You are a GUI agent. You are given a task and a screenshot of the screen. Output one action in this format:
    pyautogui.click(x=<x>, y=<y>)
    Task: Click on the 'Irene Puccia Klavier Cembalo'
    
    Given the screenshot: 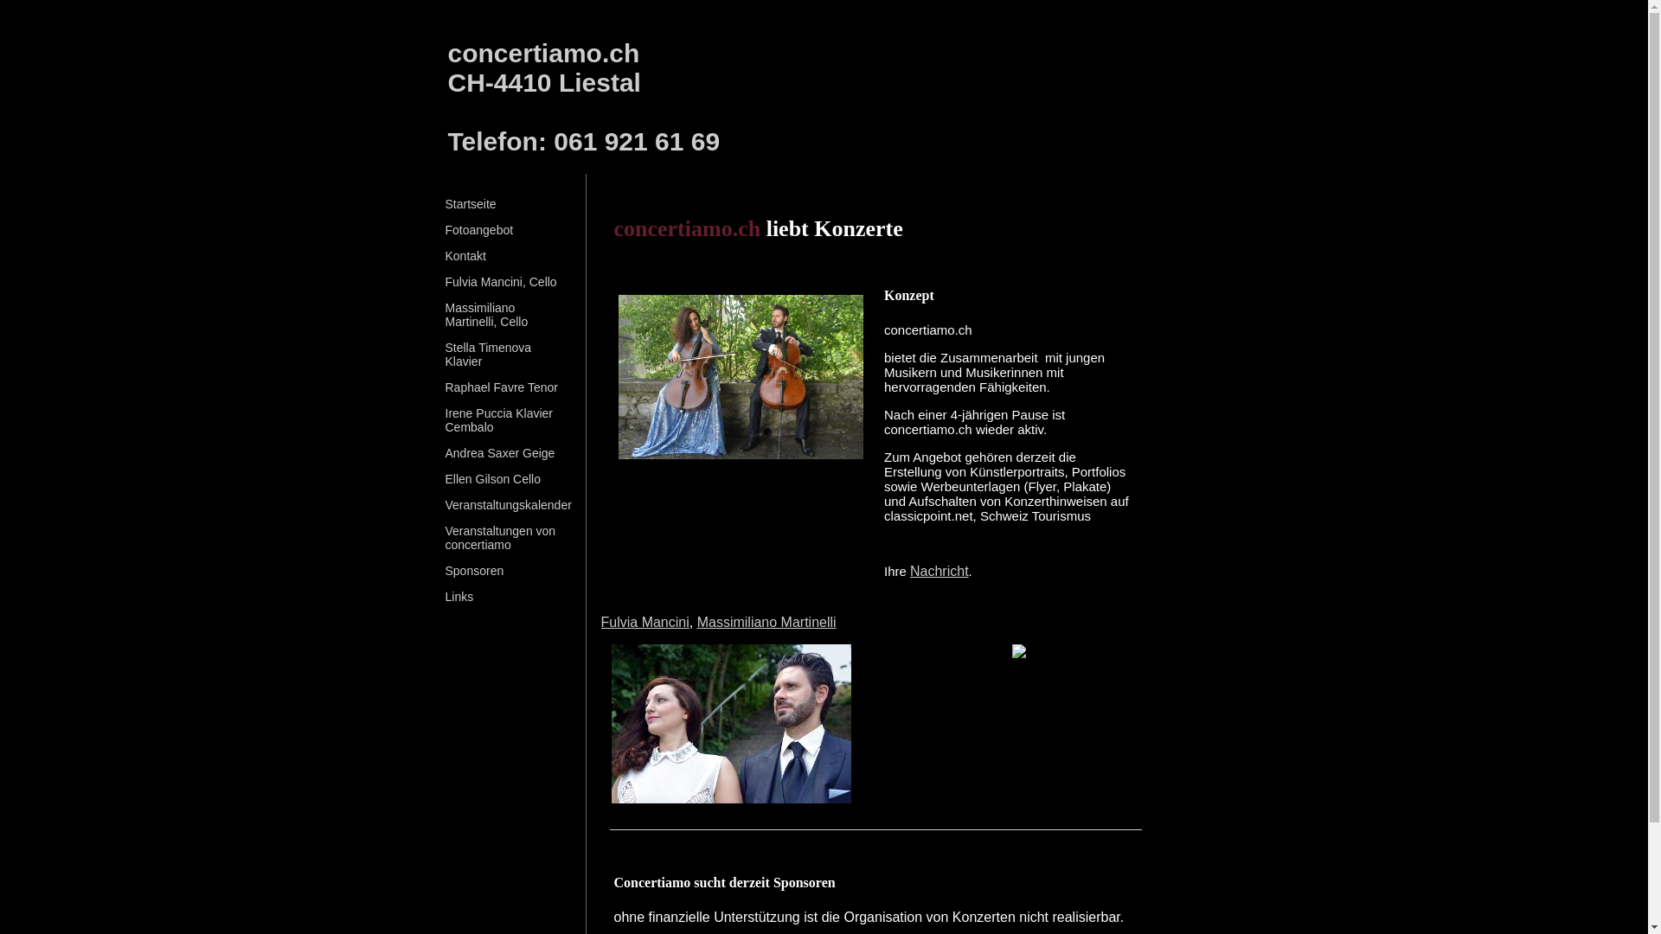 What is the action you would take?
    pyautogui.click(x=497, y=426)
    